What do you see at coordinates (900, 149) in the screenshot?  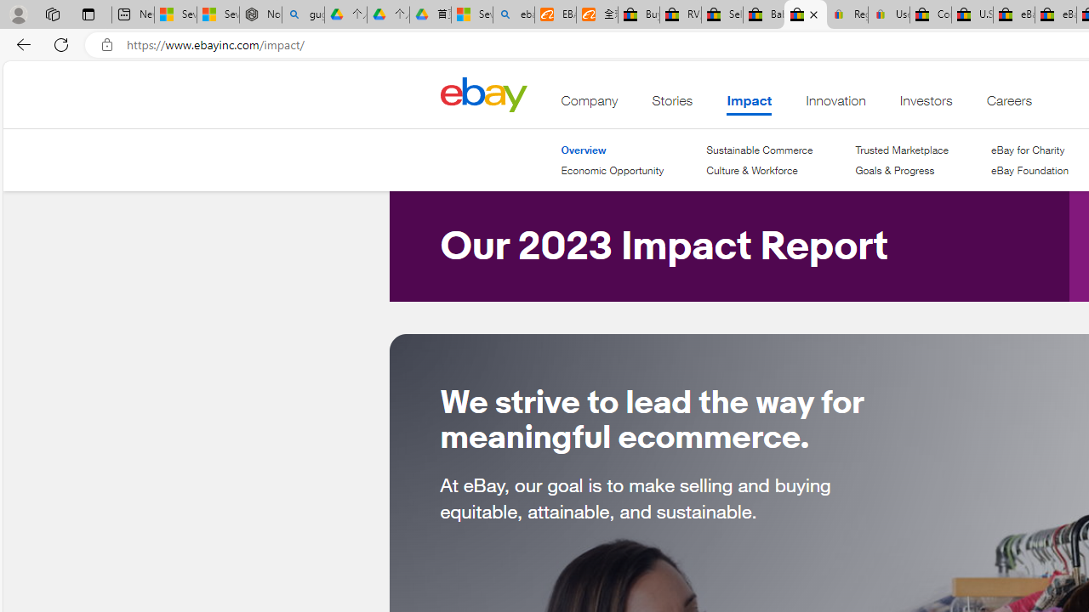 I see `'Trusted Marketplace'` at bounding box center [900, 149].